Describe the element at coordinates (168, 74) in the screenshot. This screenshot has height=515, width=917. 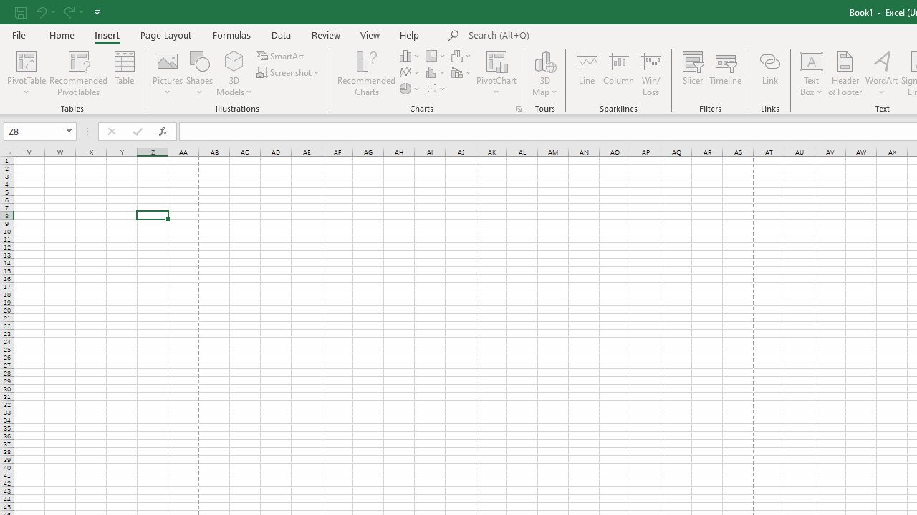
I see `'Pictures'` at that location.